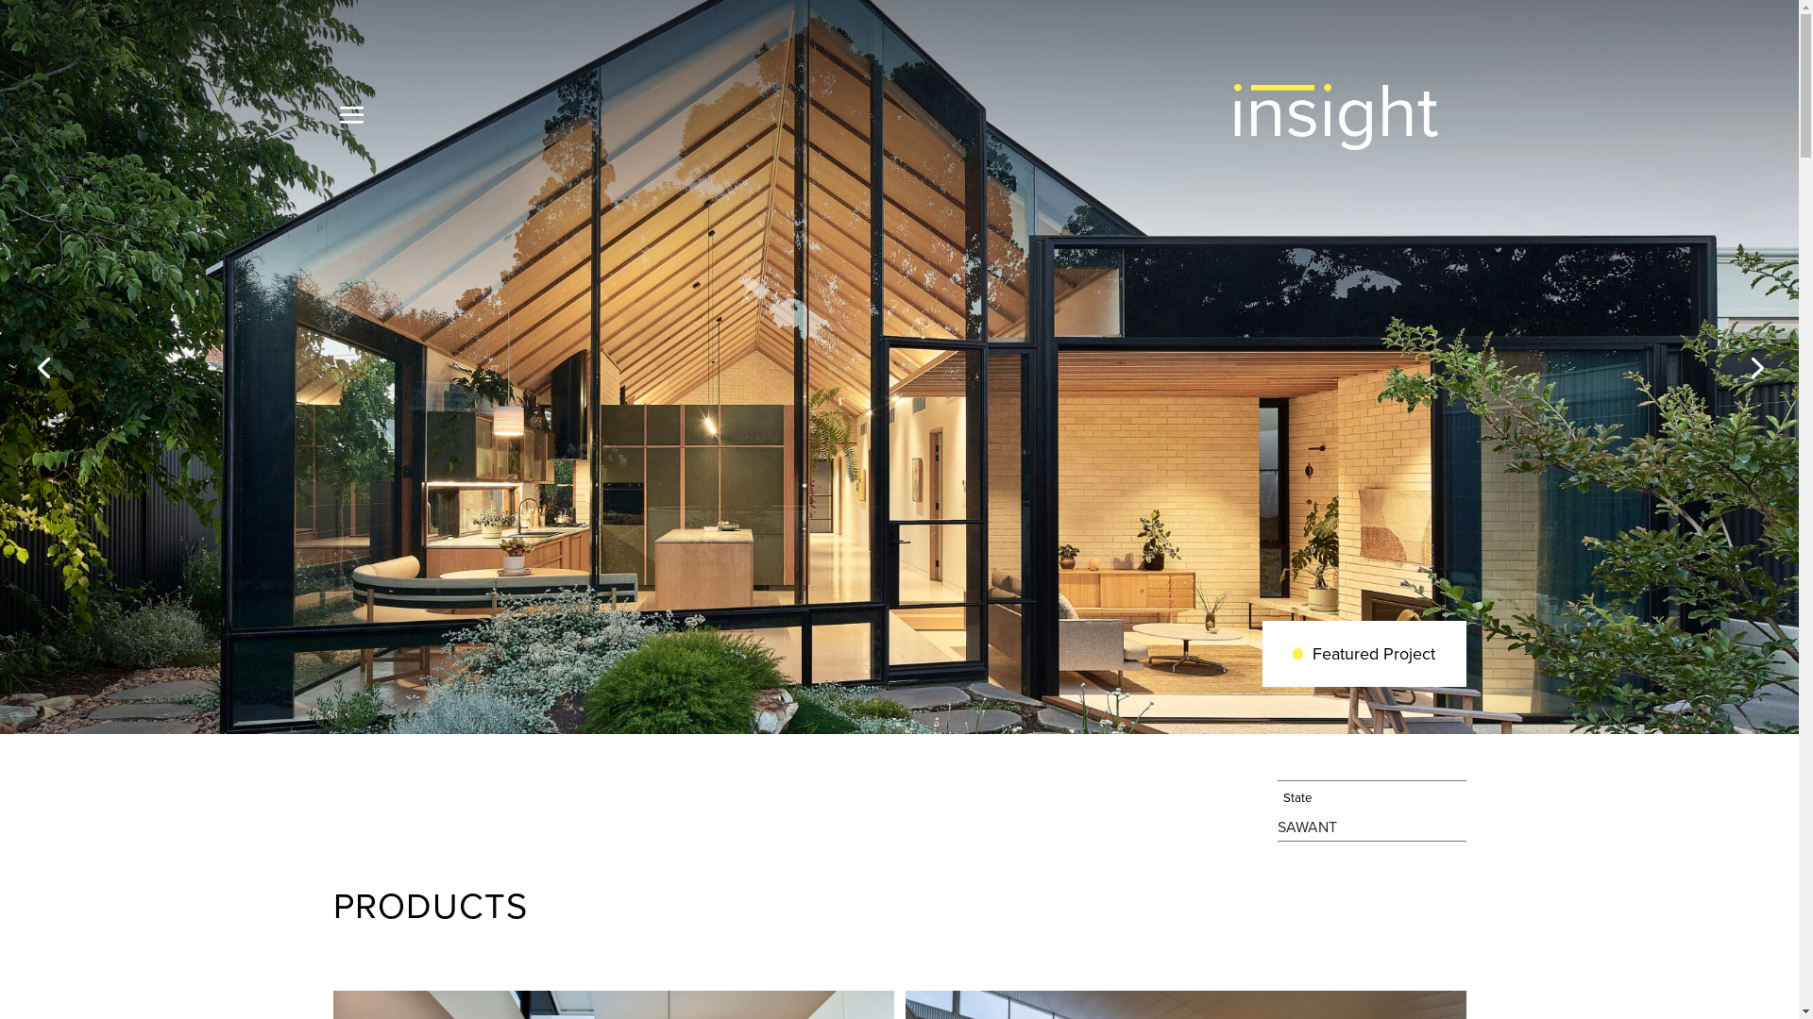  I want to click on 'Featured Project', so click(1364, 653).